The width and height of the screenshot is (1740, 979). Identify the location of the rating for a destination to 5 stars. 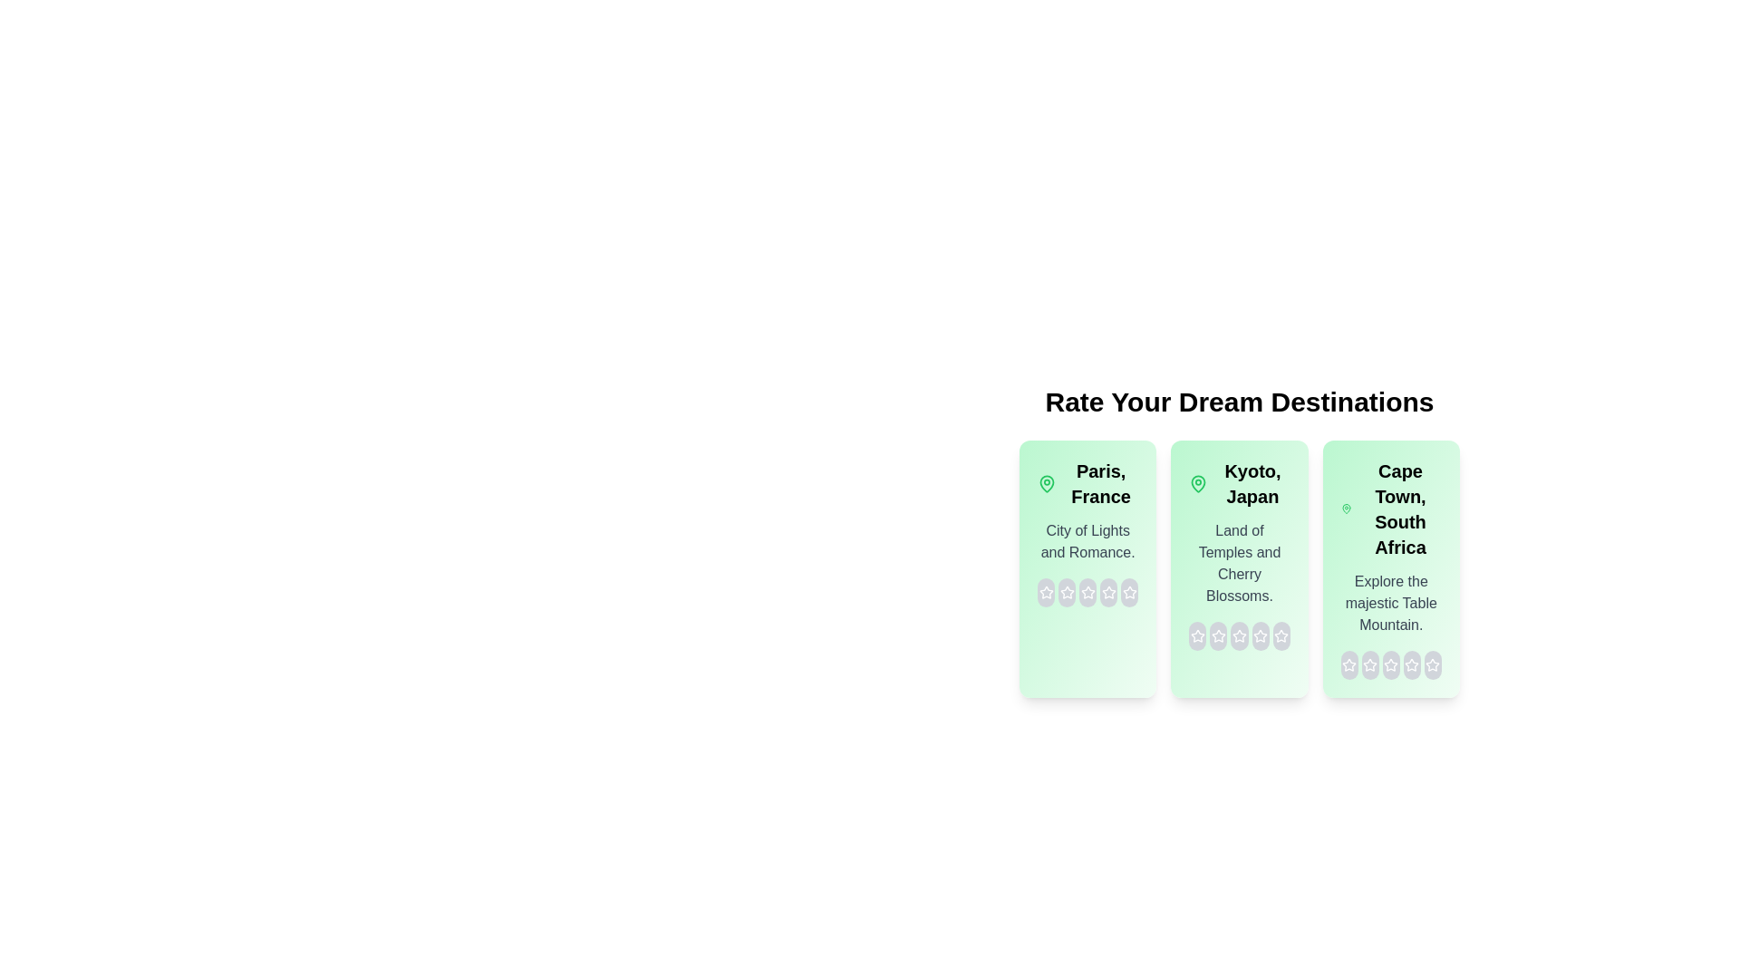
(1128, 593).